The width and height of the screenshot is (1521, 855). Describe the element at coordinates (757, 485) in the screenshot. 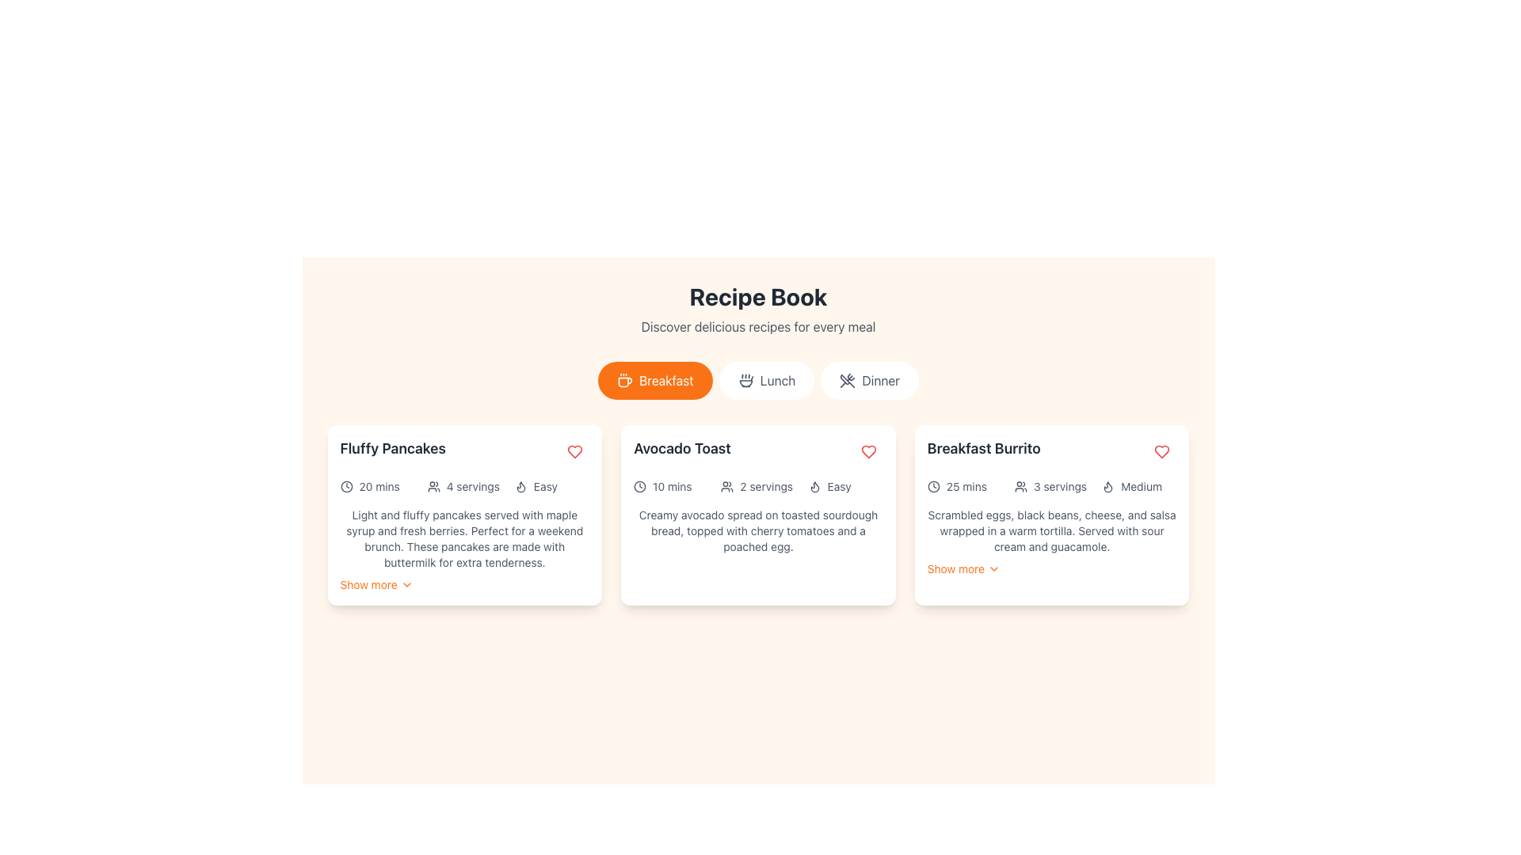

I see `the icons within the informational text group for the recipe 'Avocado Toast', which includes a clock, user, and flame icon, if they are interactive` at that location.